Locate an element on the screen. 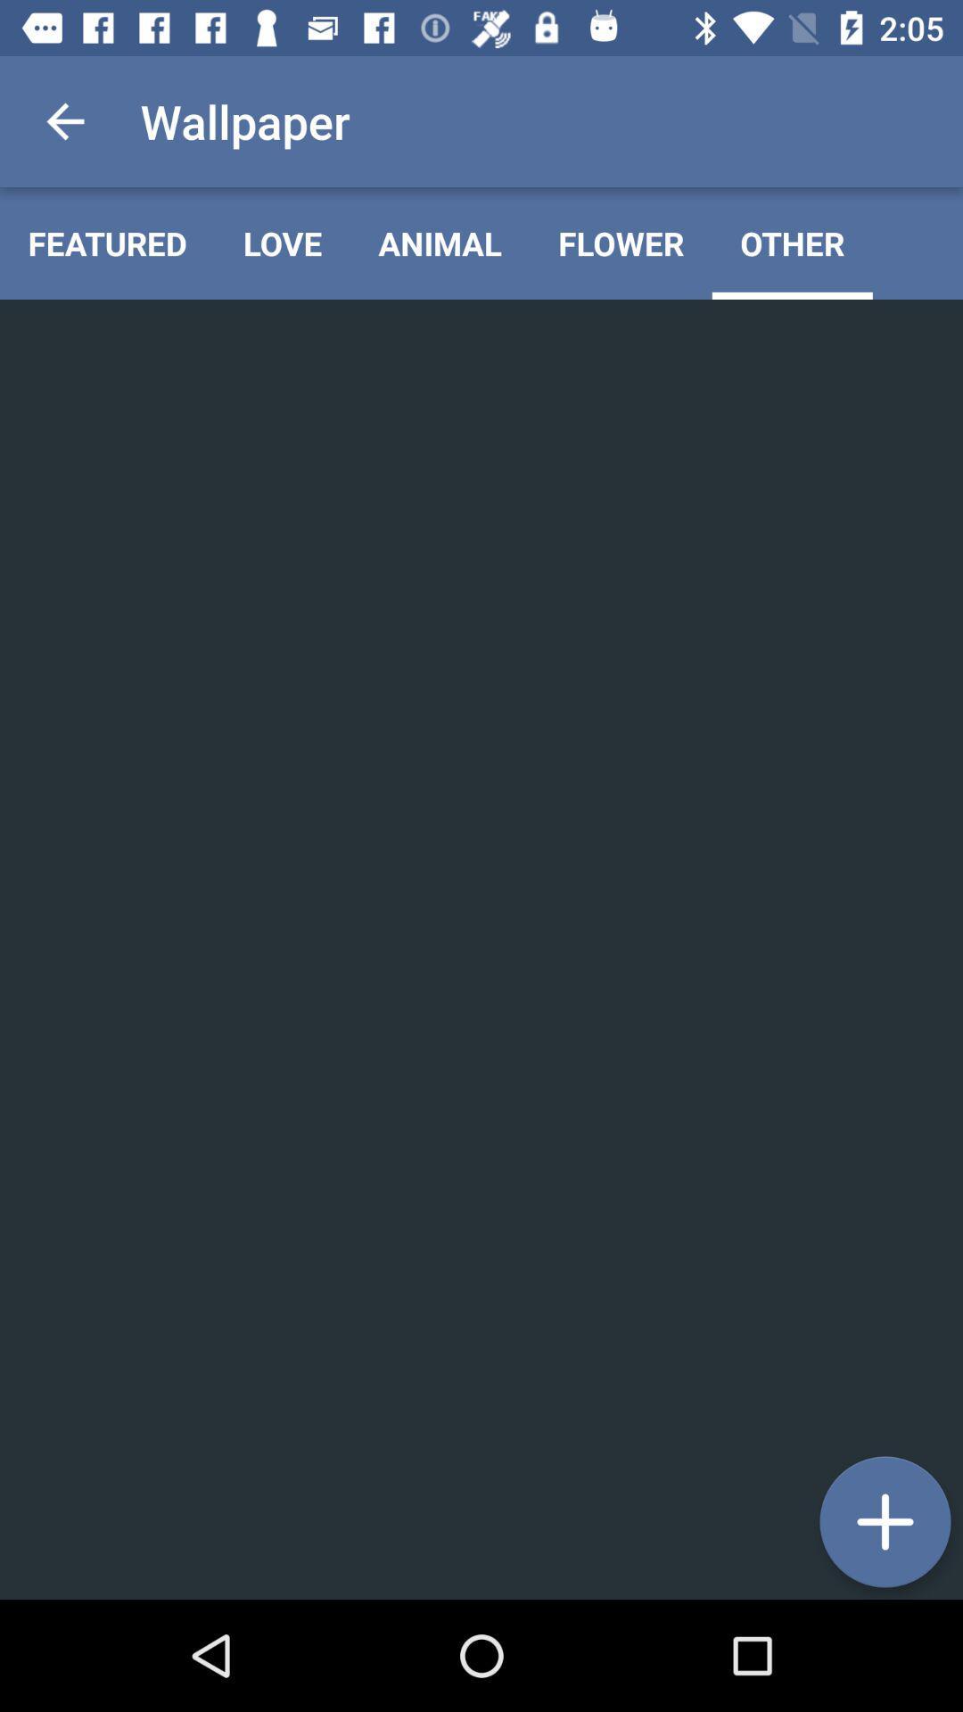 The height and width of the screenshot is (1712, 963). the add icon is located at coordinates (885, 1521).